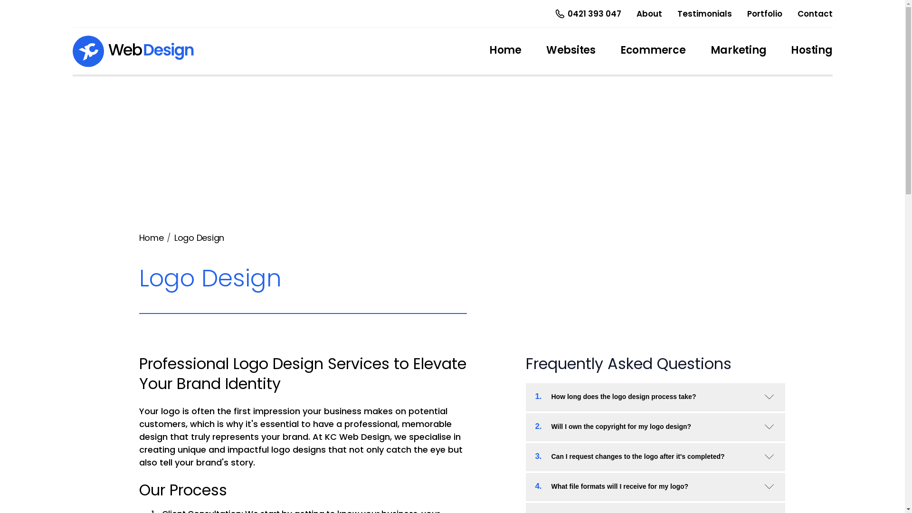 The height and width of the screenshot is (513, 912). I want to click on 'Home', so click(150, 237).